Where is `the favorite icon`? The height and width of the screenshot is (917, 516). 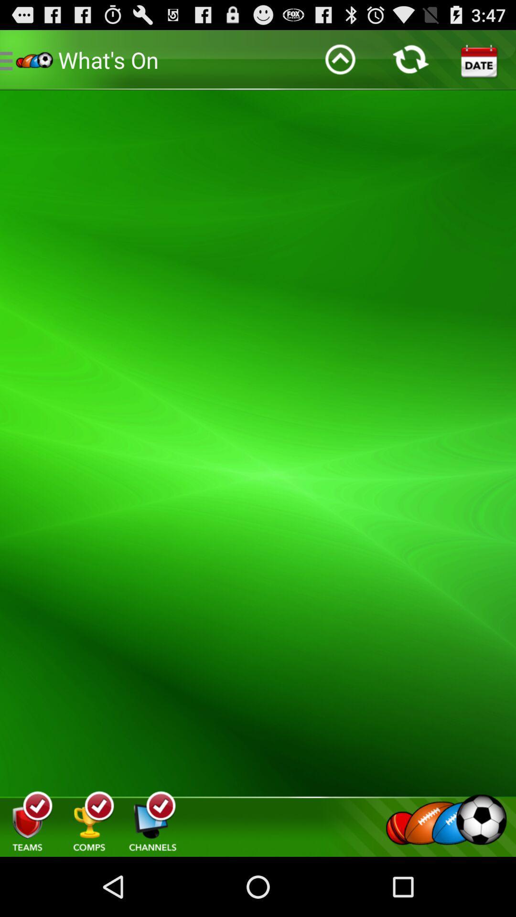
the favorite icon is located at coordinates (451, 617).